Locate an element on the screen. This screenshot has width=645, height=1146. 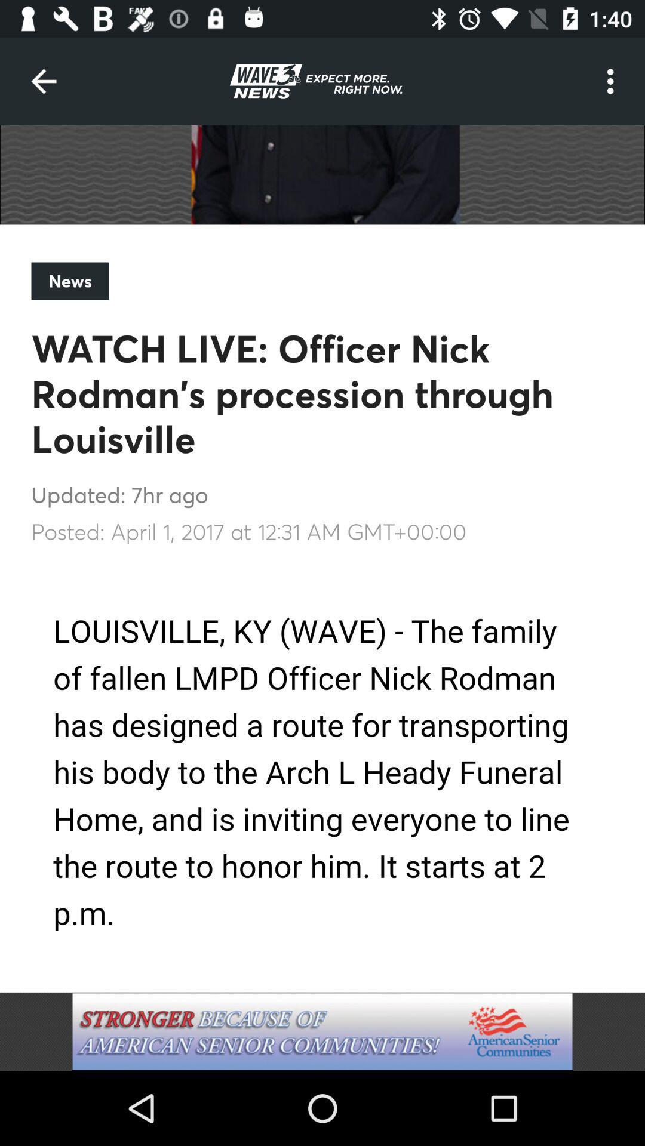
option is located at coordinates (322, 1031).